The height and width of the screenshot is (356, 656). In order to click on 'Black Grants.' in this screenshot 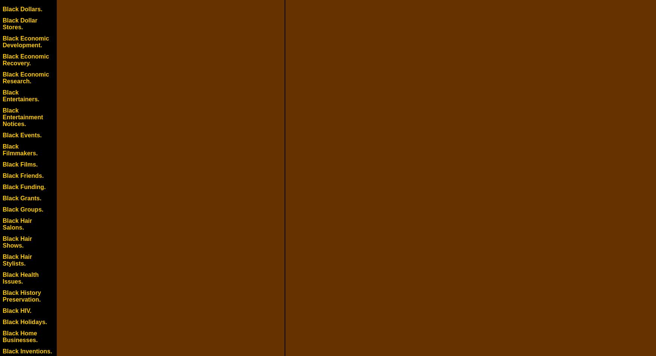, I will do `click(21, 198)`.